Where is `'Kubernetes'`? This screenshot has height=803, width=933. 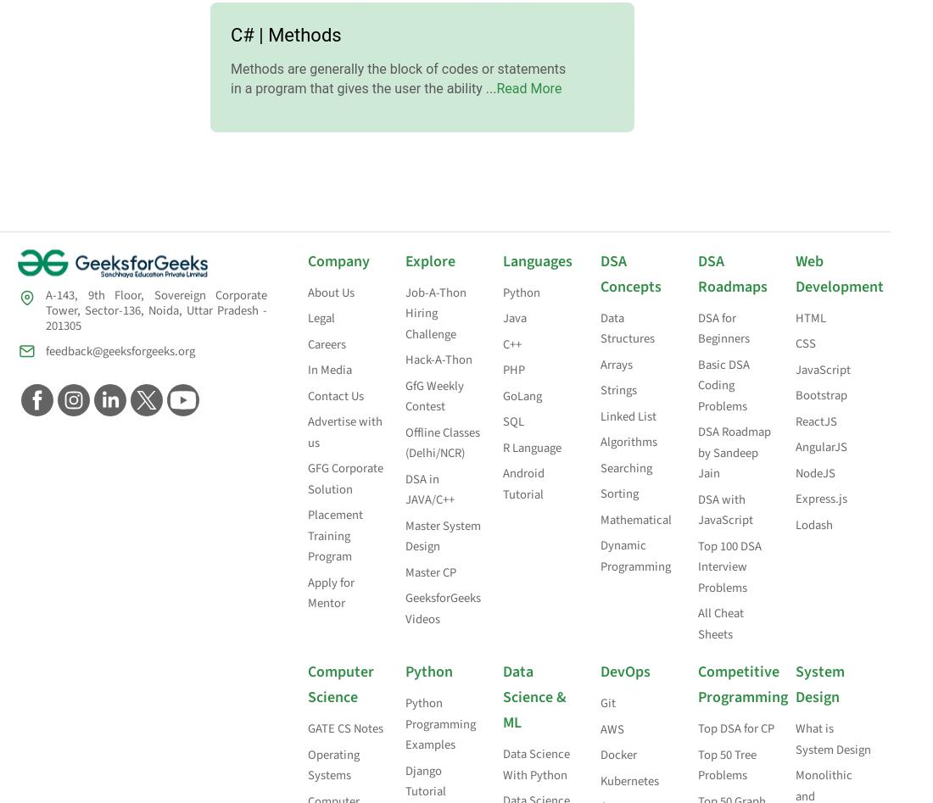
'Kubernetes' is located at coordinates (599, 779).